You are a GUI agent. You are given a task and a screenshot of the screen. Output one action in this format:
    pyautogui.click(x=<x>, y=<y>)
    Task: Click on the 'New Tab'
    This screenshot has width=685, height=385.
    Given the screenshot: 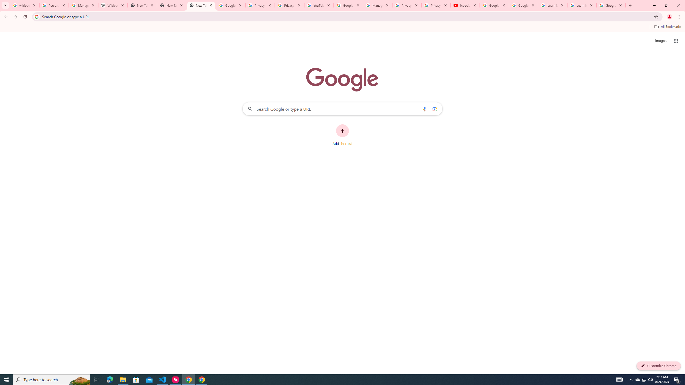 What is the action you would take?
    pyautogui.click(x=172, y=5)
    